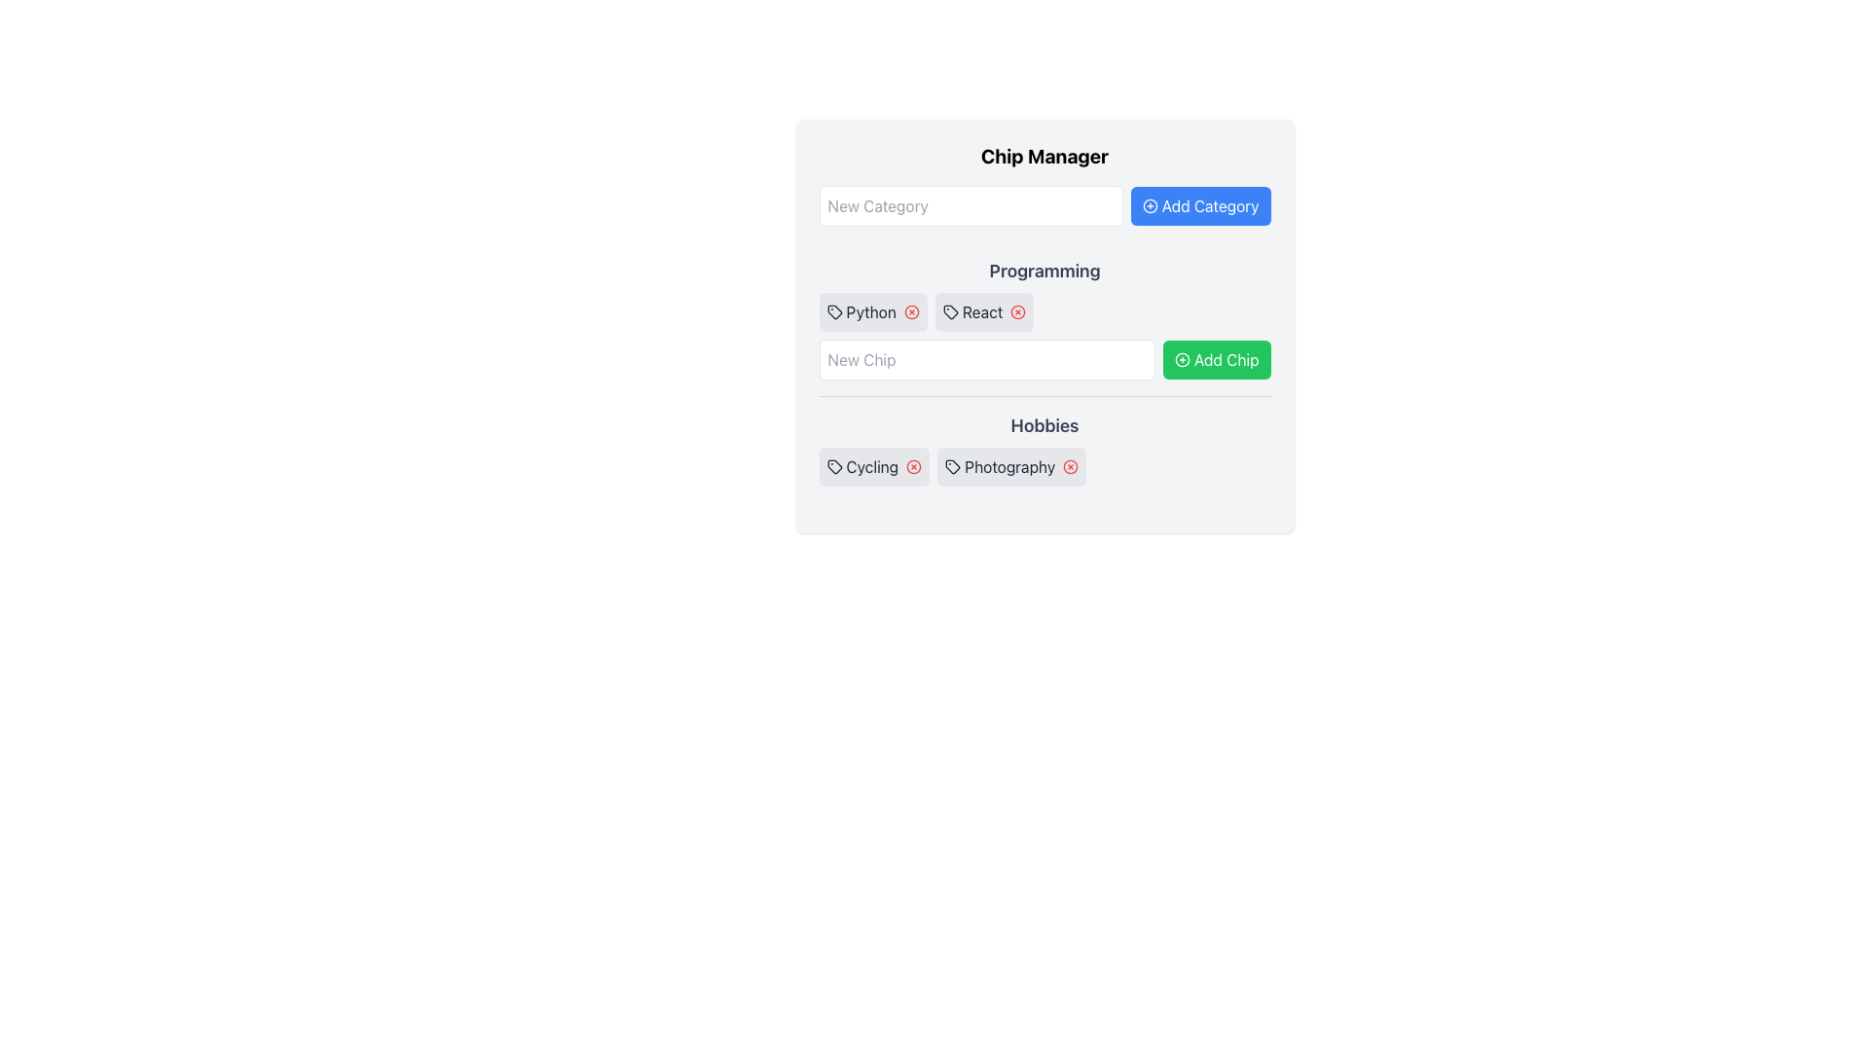  Describe the element at coordinates (909, 466) in the screenshot. I see `the delete button for the 'Cycling' chip located in the 'Hobbies' section` at that location.